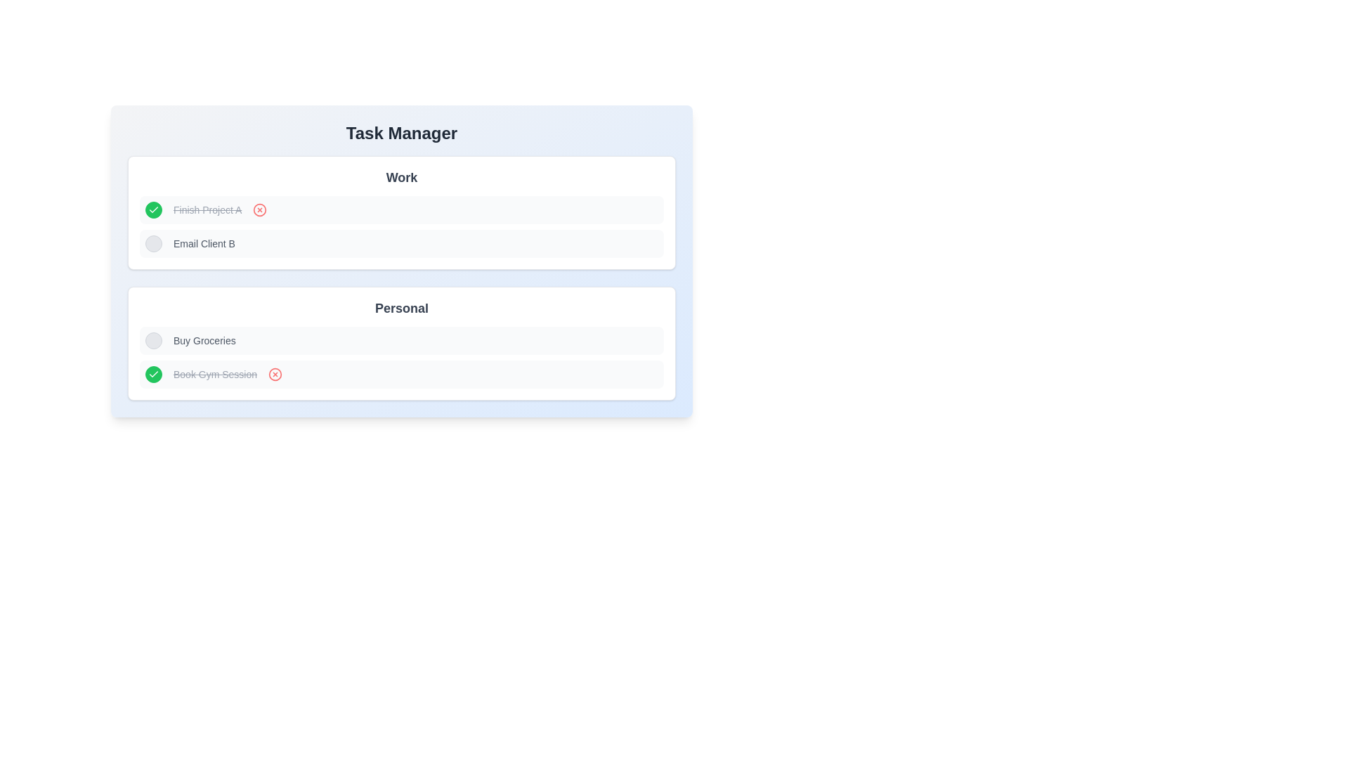 The height and width of the screenshot is (759, 1349). I want to click on the circular red outlined icon with a red cross symbol in the 'Personal' section of the task manager, so click(275, 373).